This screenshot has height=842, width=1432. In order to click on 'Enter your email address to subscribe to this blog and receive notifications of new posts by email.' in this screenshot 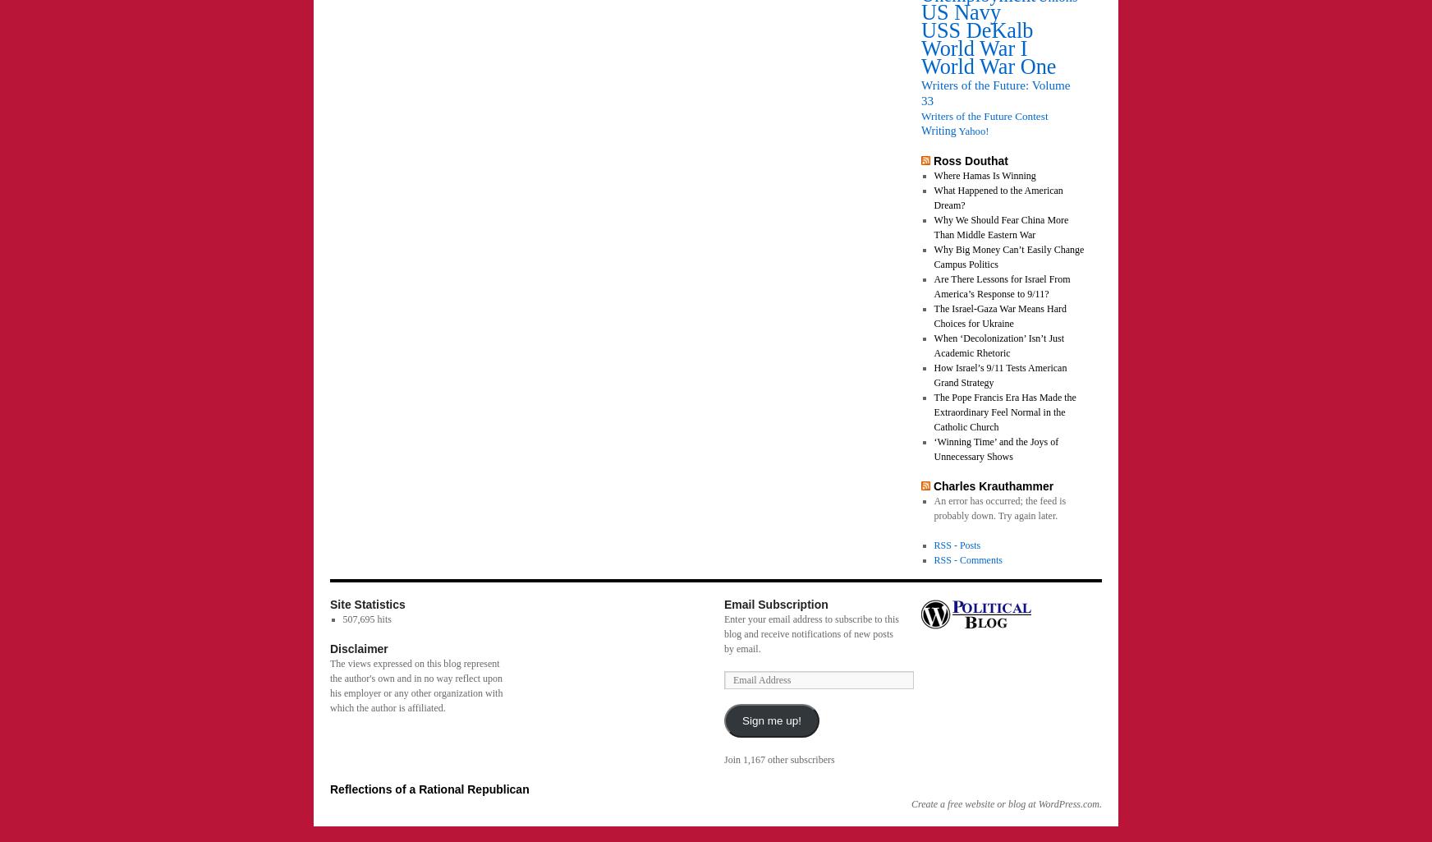, I will do `click(723, 634)`.